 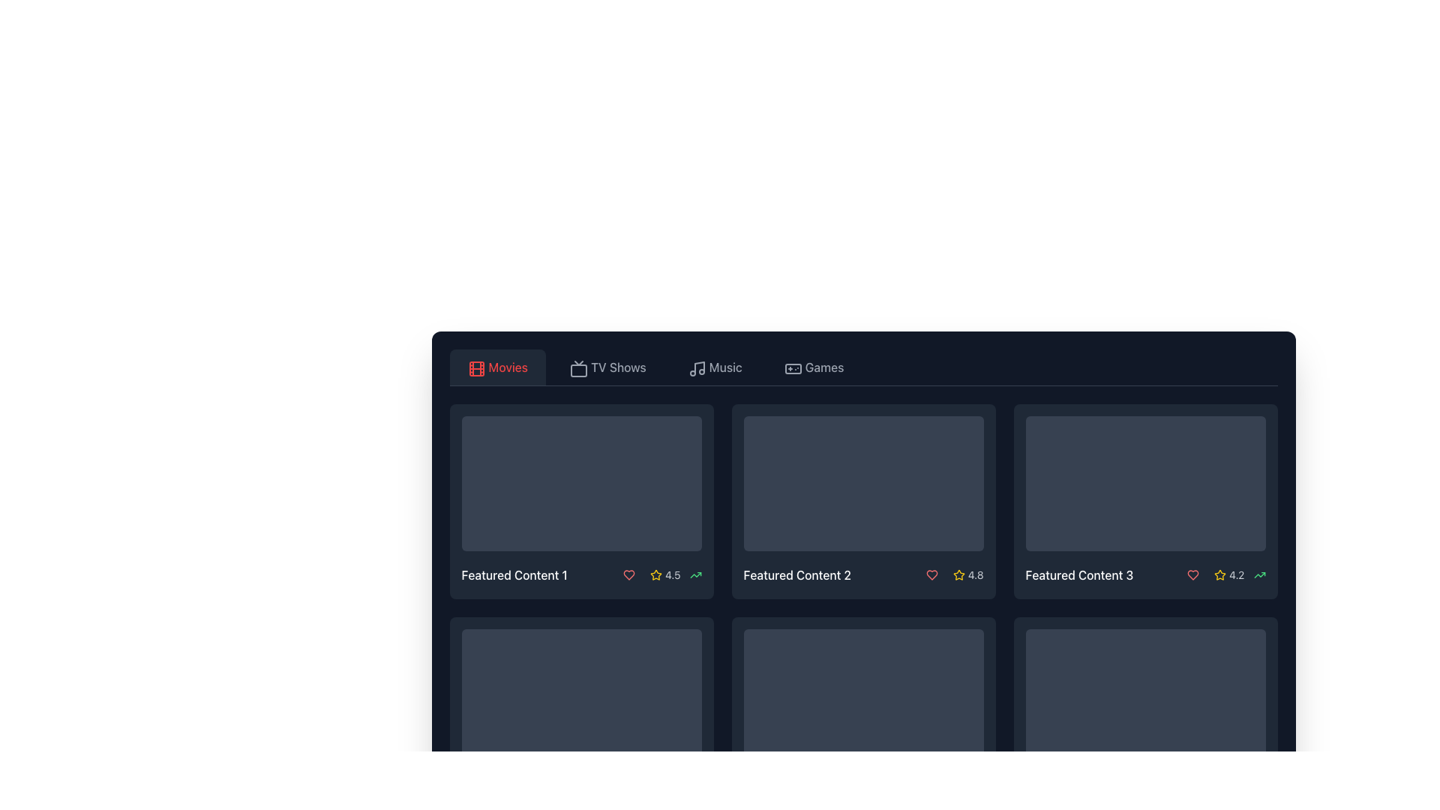 I want to click on the red movie-film icon in the active 'Movies' tab of the horizontal navigation menu, so click(x=475, y=369).